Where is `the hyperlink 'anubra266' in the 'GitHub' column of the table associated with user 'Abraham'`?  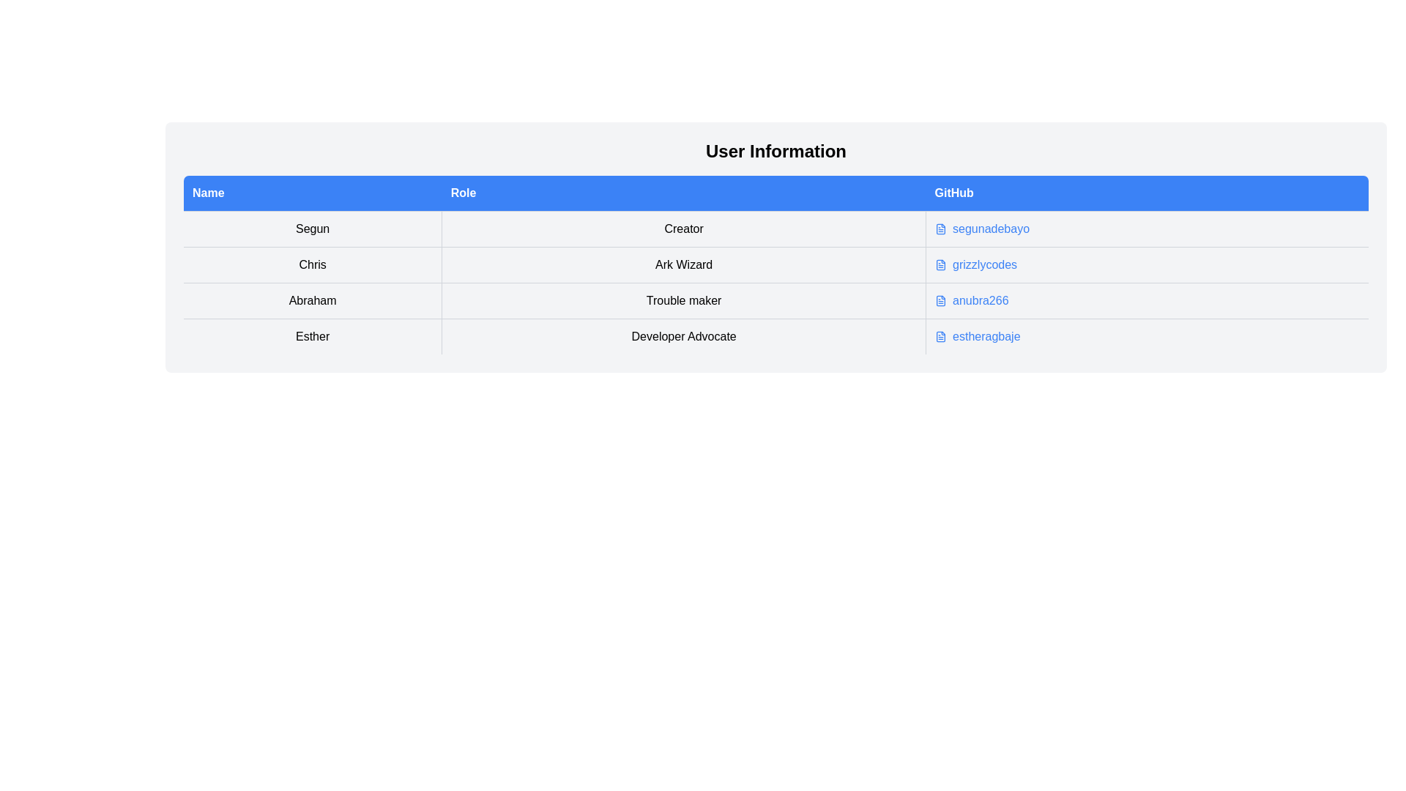 the hyperlink 'anubra266' in the 'GitHub' column of the table associated with user 'Abraham' is located at coordinates (1147, 300).